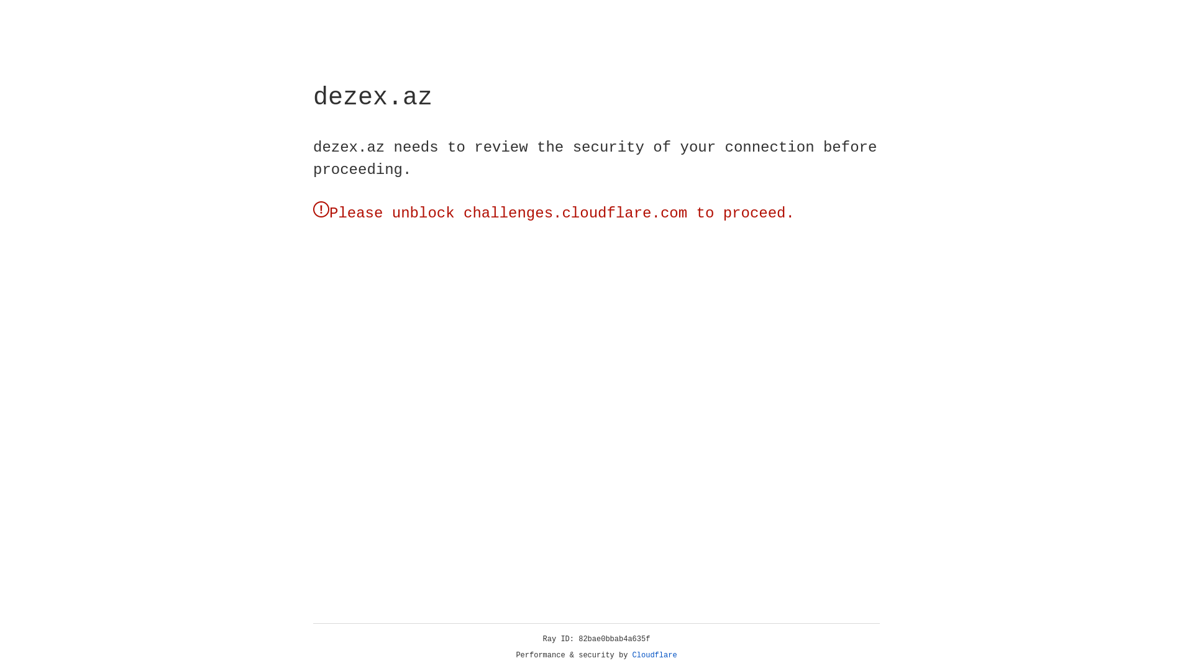 The image size is (1193, 671). What do you see at coordinates (654, 655) in the screenshot?
I see `'Cloudflare'` at bounding box center [654, 655].